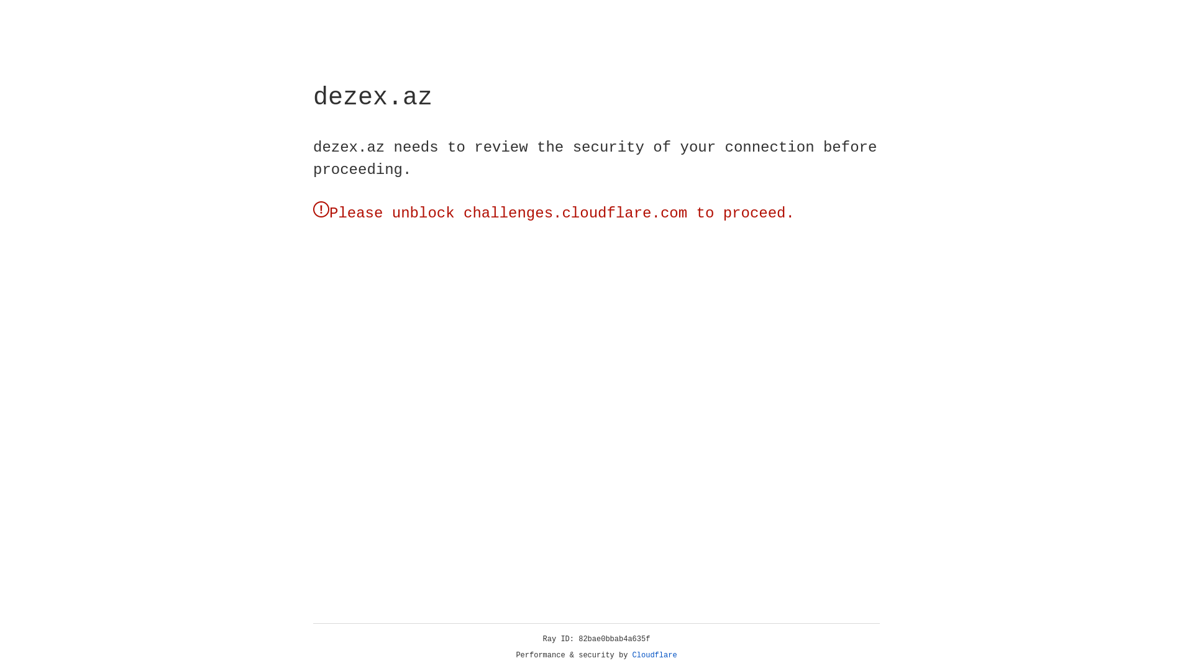 The image size is (1193, 671). What do you see at coordinates (654, 655) in the screenshot?
I see `'Cloudflare'` at bounding box center [654, 655].